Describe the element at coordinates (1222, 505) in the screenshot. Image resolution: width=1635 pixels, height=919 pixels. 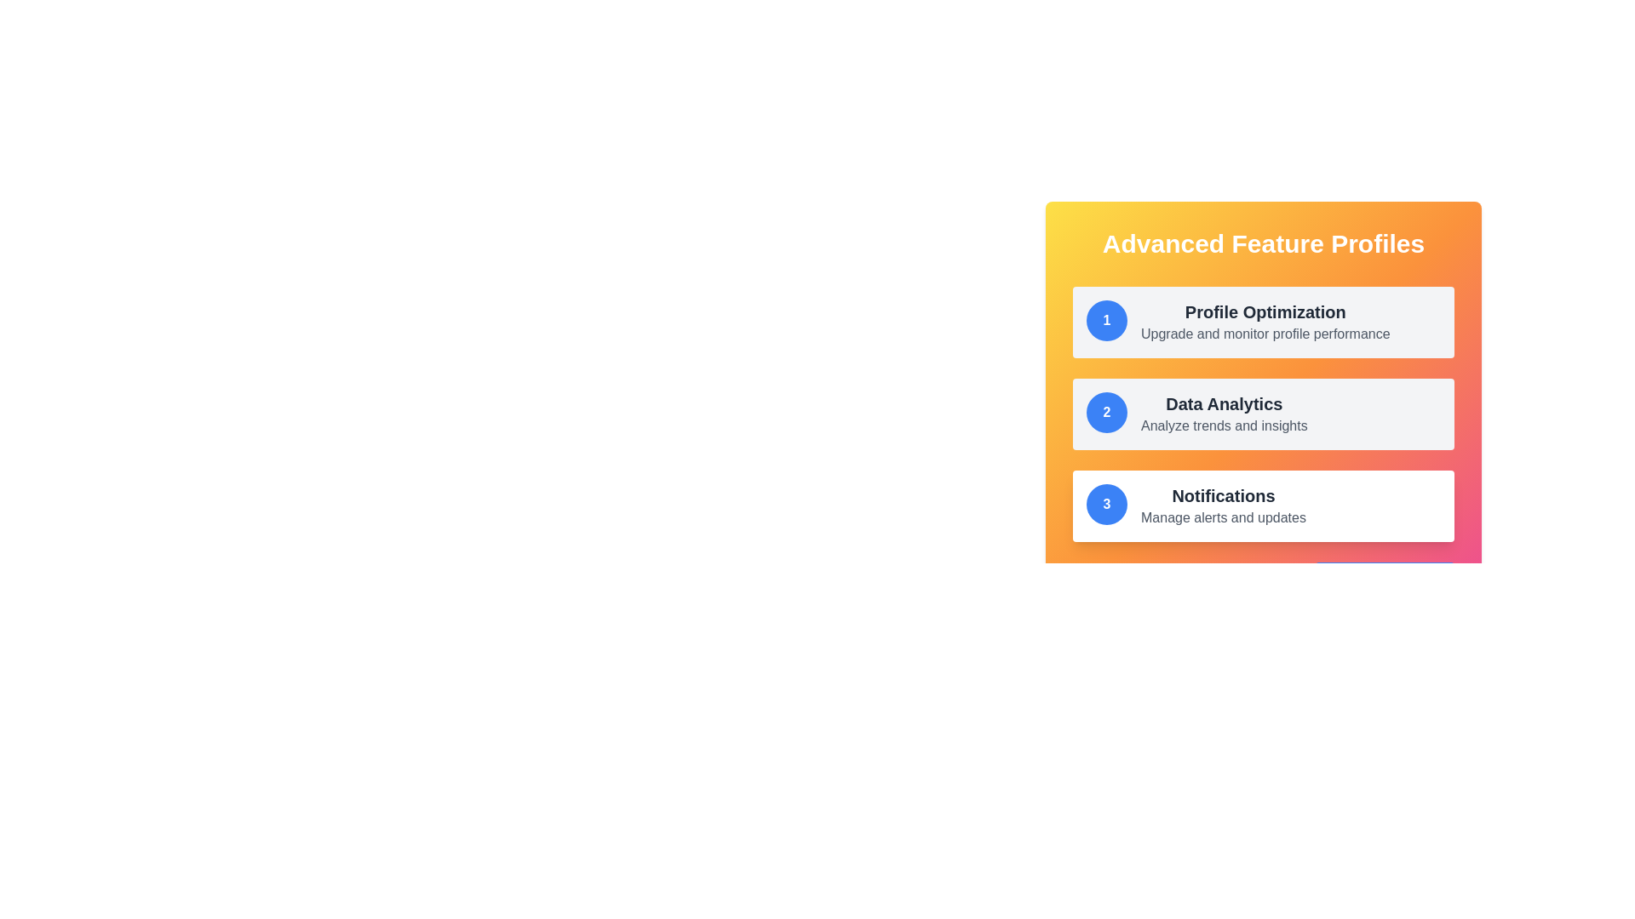
I see `text that serves as the title and description of the feature related to managing notifications, located within the third card titled '3' in the list under 'Advanced Feature Profiles'` at that location.